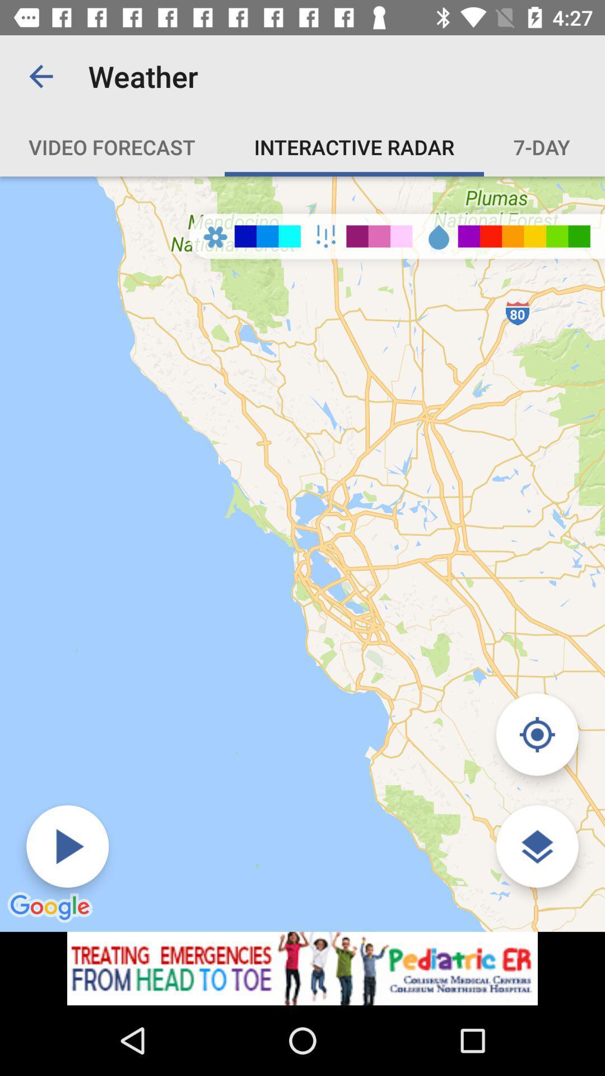 The image size is (605, 1076). Describe the element at coordinates (67, 846) in the screenshot. I see `click arrow to start interactive map` at that location.